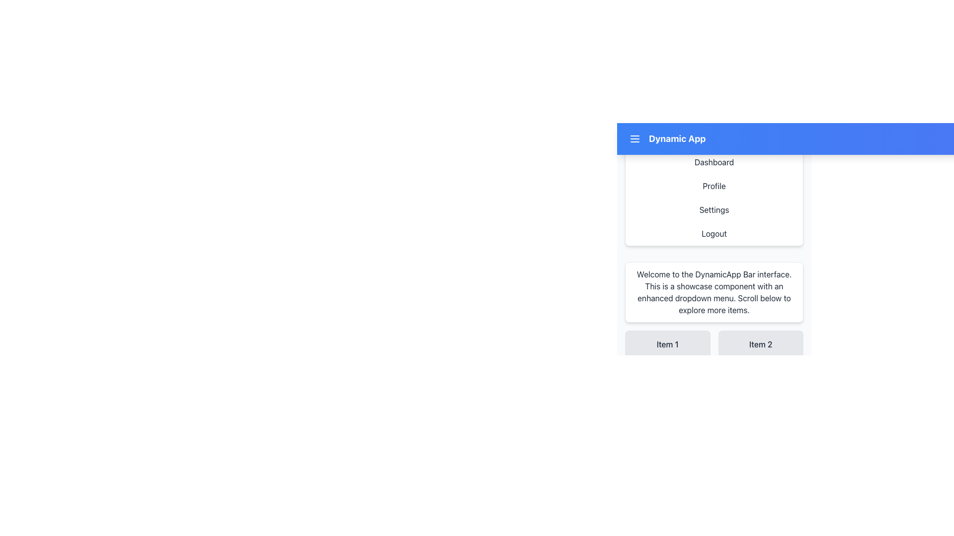  What do you see at coordinates (760, 344) in the screenshot?
I see `the Text Label representing 'Item 2', which is positioned as the second item in a horizontal arrangement at the bottom of the interface` at bounding box center [760, 344].